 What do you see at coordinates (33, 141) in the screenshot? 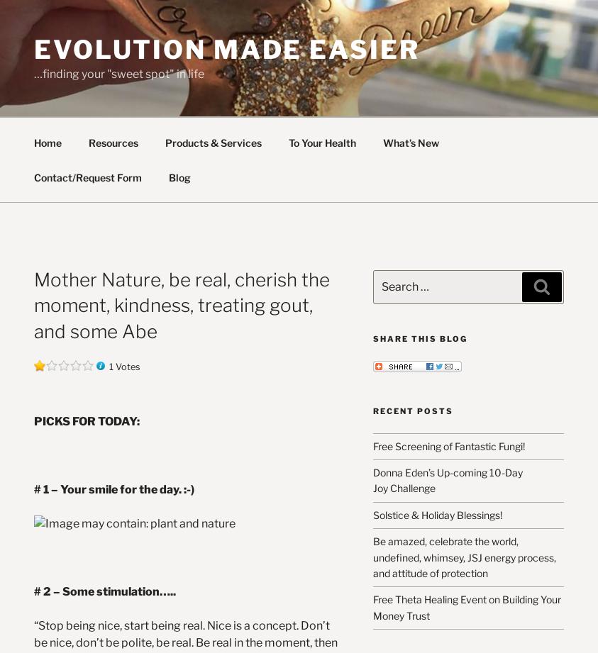
I see `'Home'` at bounding box center [33, 141].